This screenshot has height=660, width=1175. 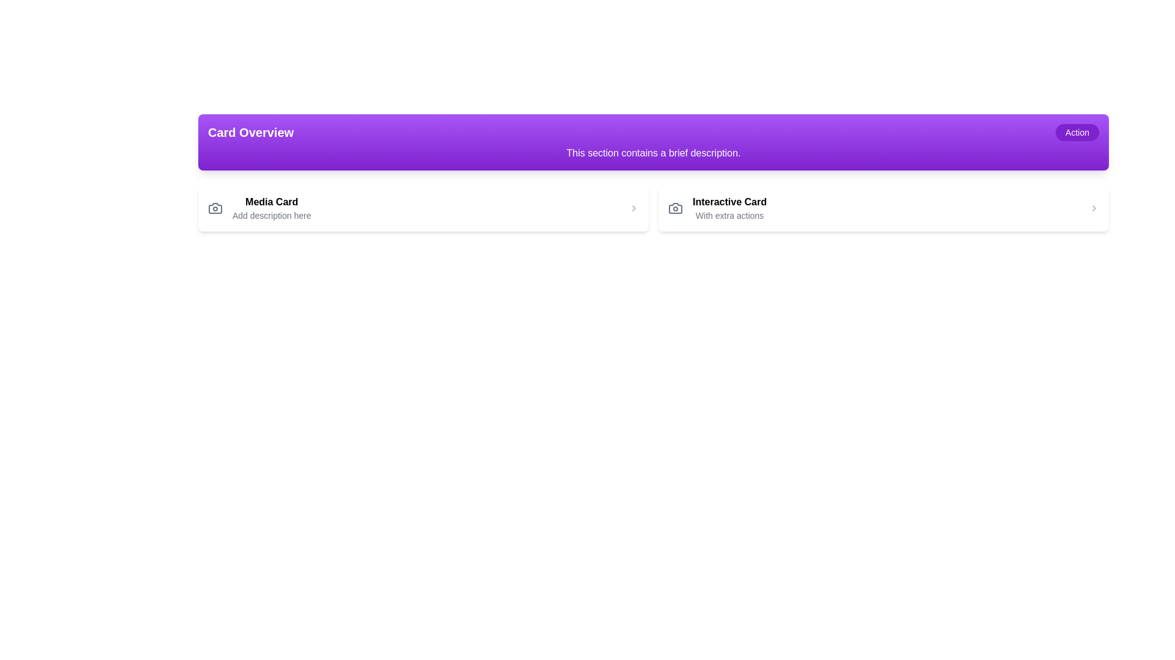 What do you see at coordinates (1077, 132) in the screenshot?
I see `the call-to-action button located in the top-right corner of the purple banner labeled 'Card Overview'` at bounding box center [1077, 132].